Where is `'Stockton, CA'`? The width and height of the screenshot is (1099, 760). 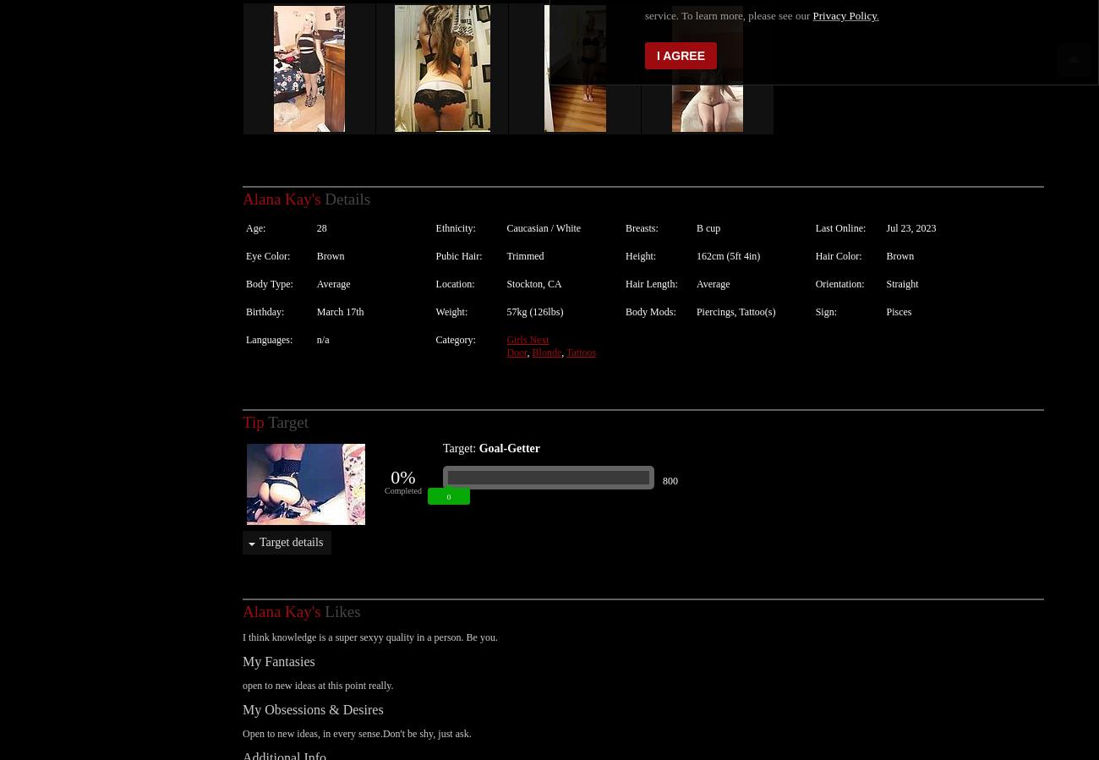
'Stockton, CA' is located at coordinates (533, 265).